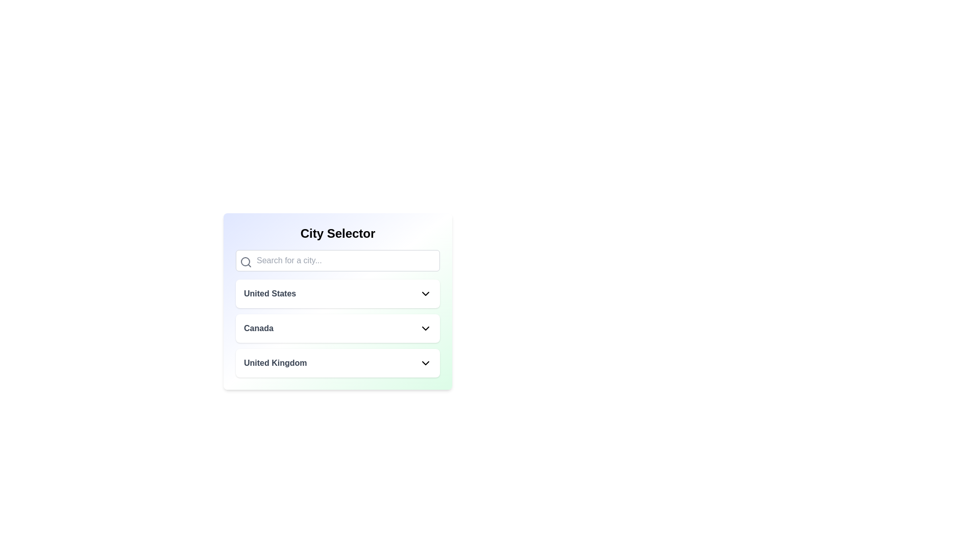  What do you see at coordinates (338, 329) in the screenshot?
I see `the dropdown trigger labeled 'Canada'` at bounding box center [338, 329].